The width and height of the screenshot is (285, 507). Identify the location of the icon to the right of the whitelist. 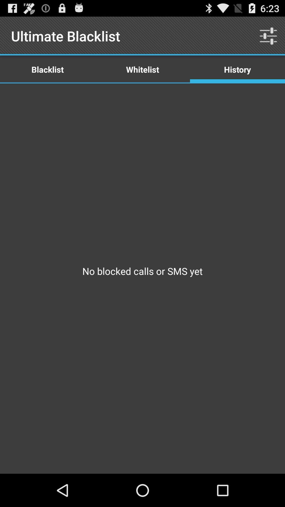
(237, 69).